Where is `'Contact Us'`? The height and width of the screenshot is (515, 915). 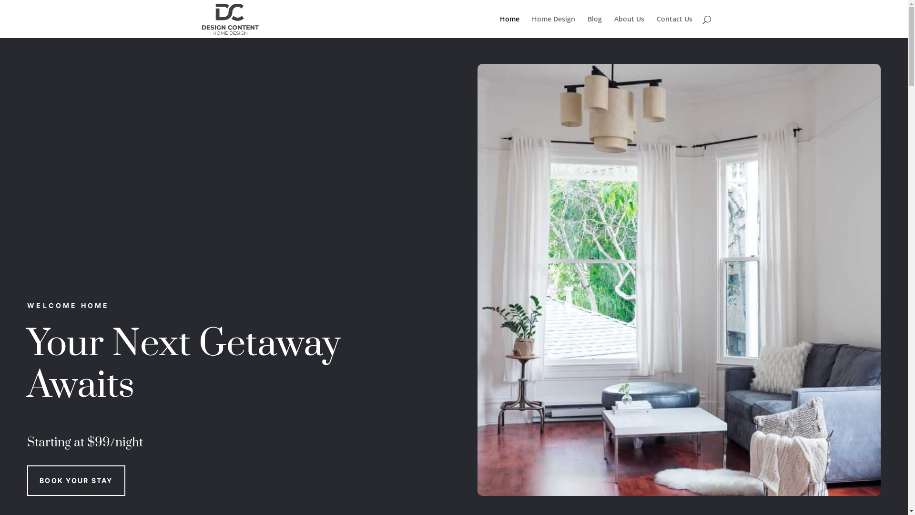 'Contact Us' is located at coordinates (674, 26).